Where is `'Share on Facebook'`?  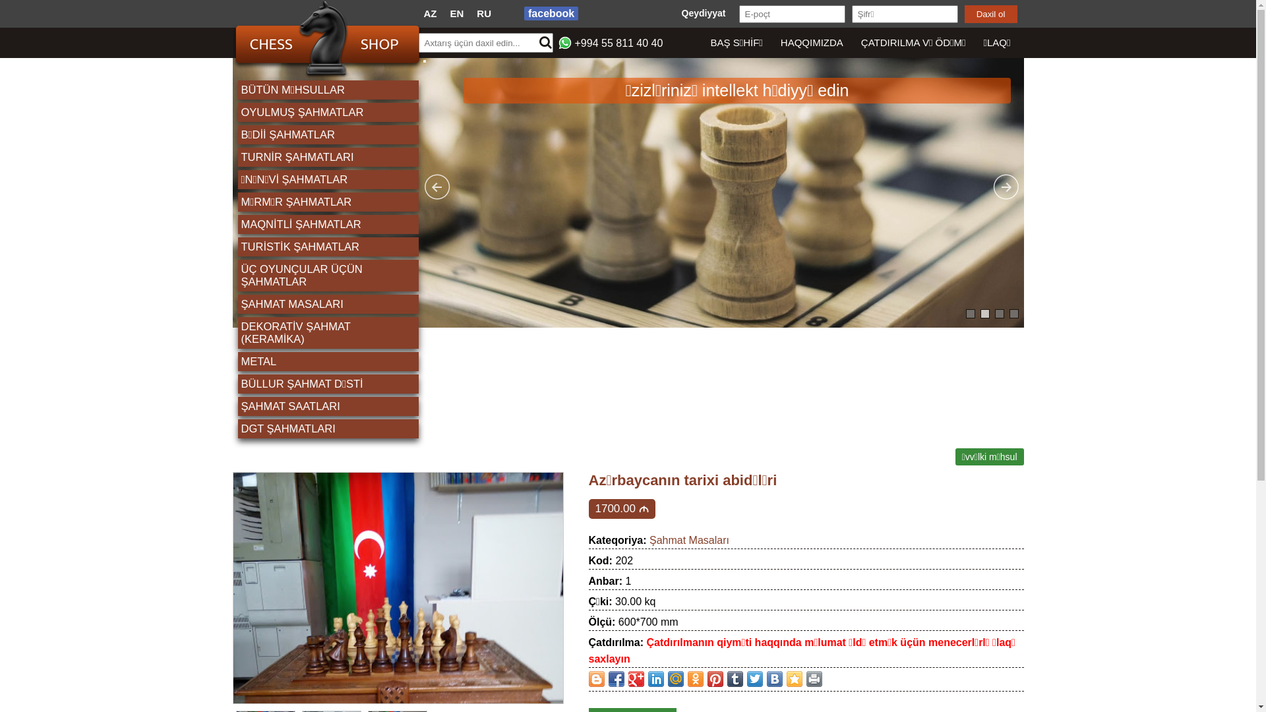
'Share on Facebook' is located at coordinates (615, 678).